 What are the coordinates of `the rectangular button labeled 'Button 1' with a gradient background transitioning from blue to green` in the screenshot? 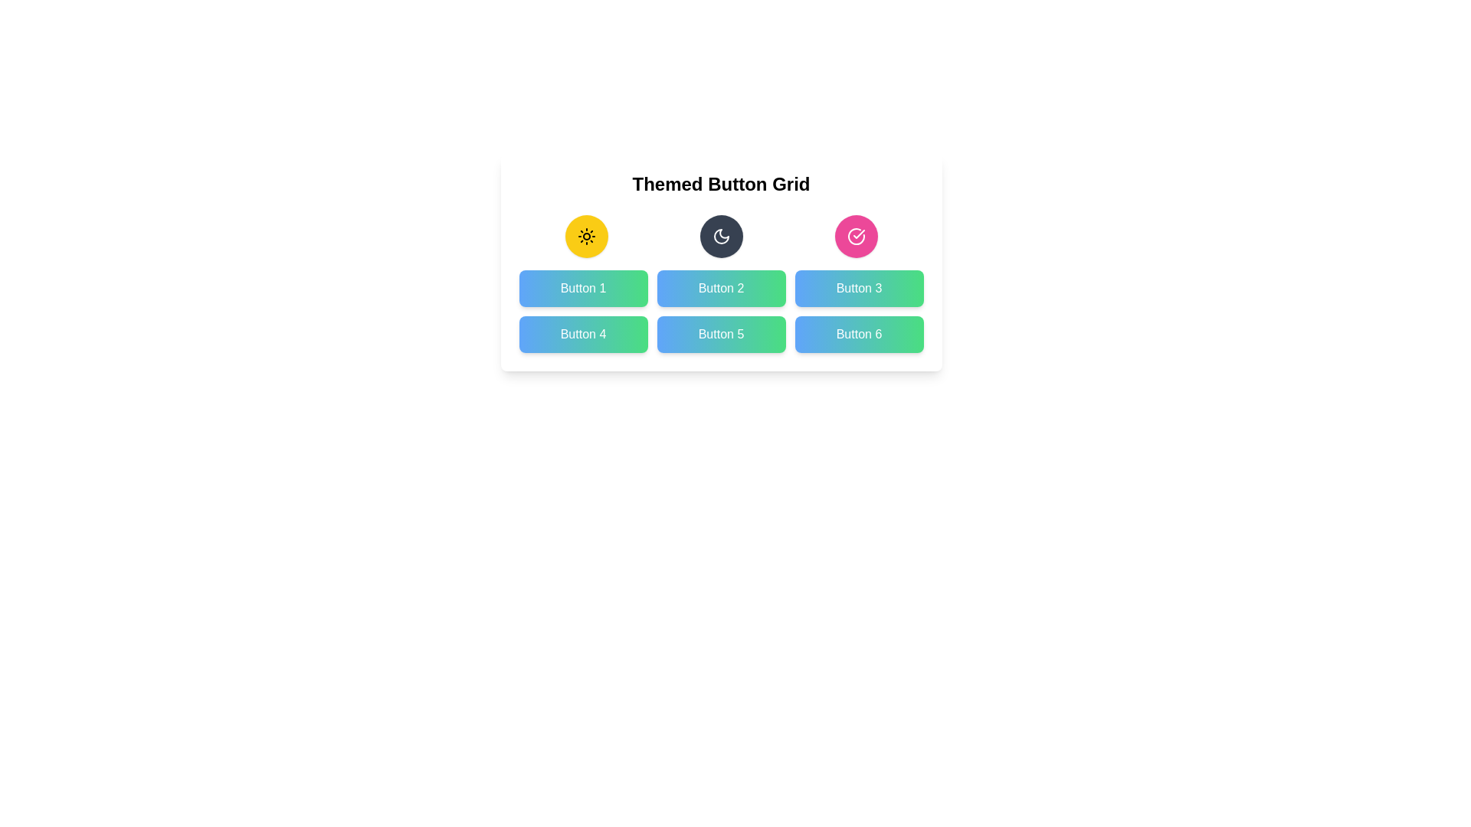 It's located at (582, 289).